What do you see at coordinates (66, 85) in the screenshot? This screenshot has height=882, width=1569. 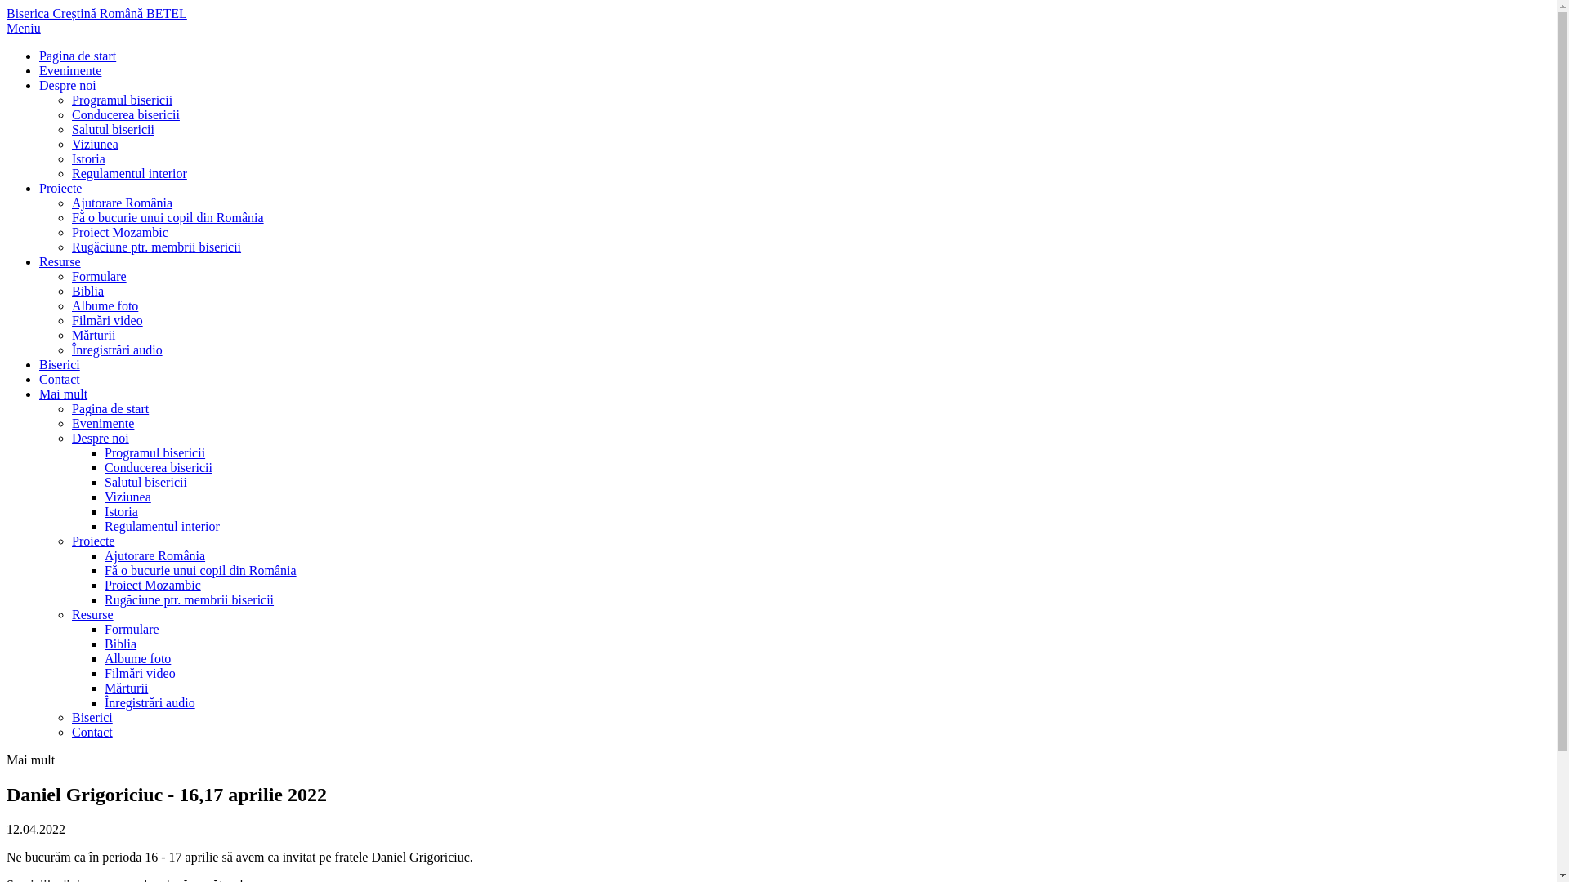 I see `'Despre noi'` at bounding box center [66, 85].